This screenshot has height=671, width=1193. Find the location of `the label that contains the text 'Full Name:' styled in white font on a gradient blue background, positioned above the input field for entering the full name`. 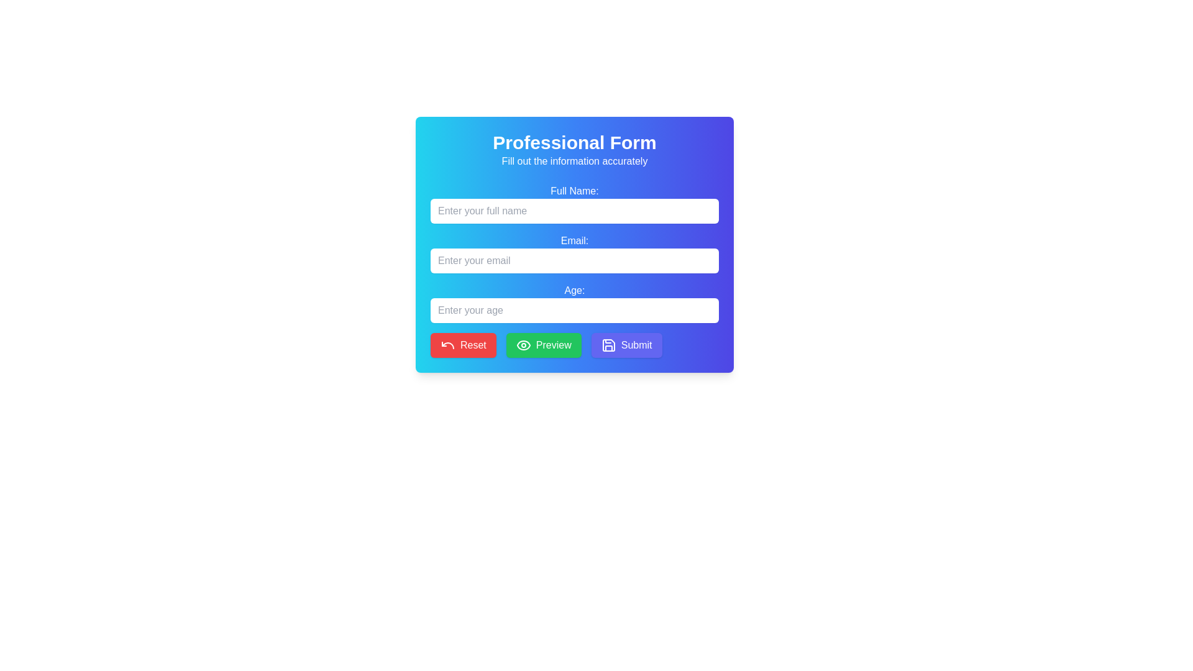

the label that contains the text 'Full Name:' styled in white font on a gradient blue background, positioned above the input field for entering the full name is located at coordinates (574, 191).